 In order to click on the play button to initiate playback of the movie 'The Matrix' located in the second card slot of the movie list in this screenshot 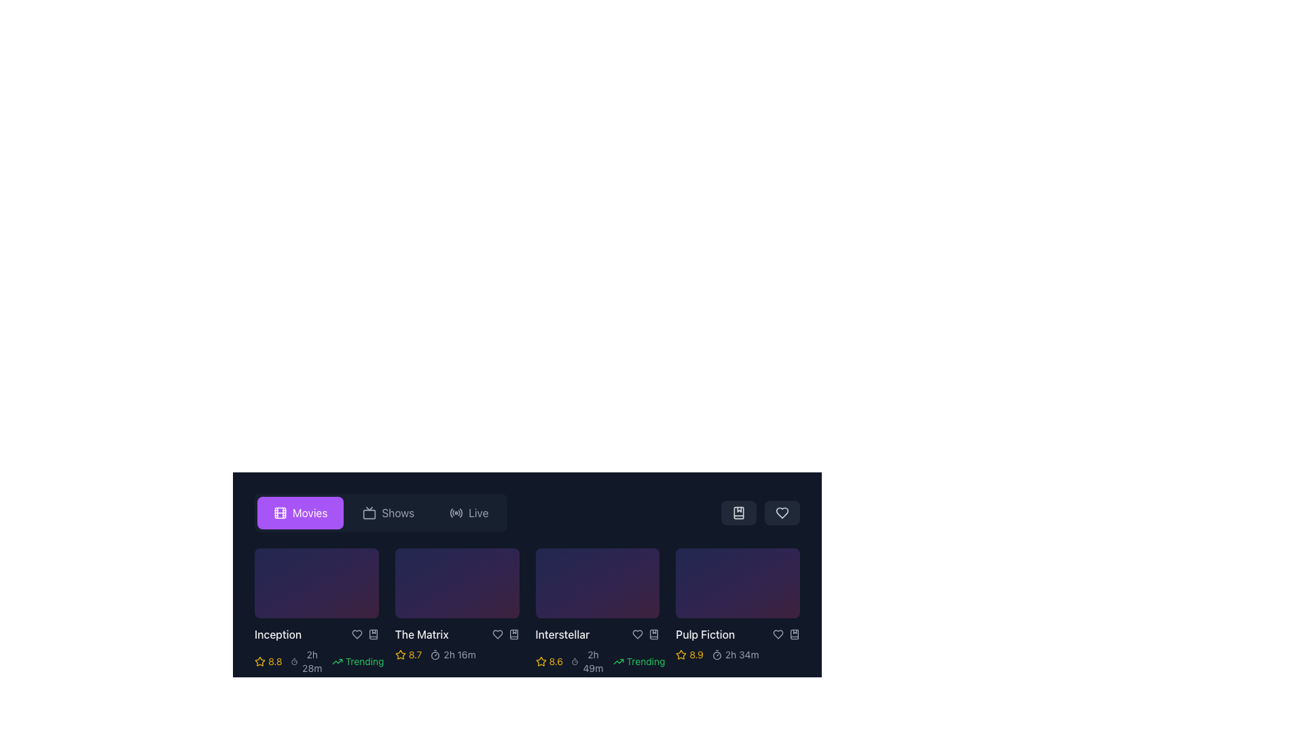, I will do `click(457, 612)`.